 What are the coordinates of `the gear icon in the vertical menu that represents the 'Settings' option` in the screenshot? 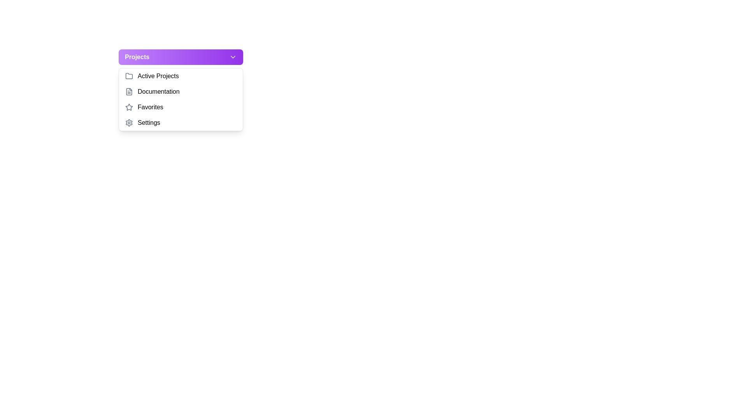 It's located at (129, 122).